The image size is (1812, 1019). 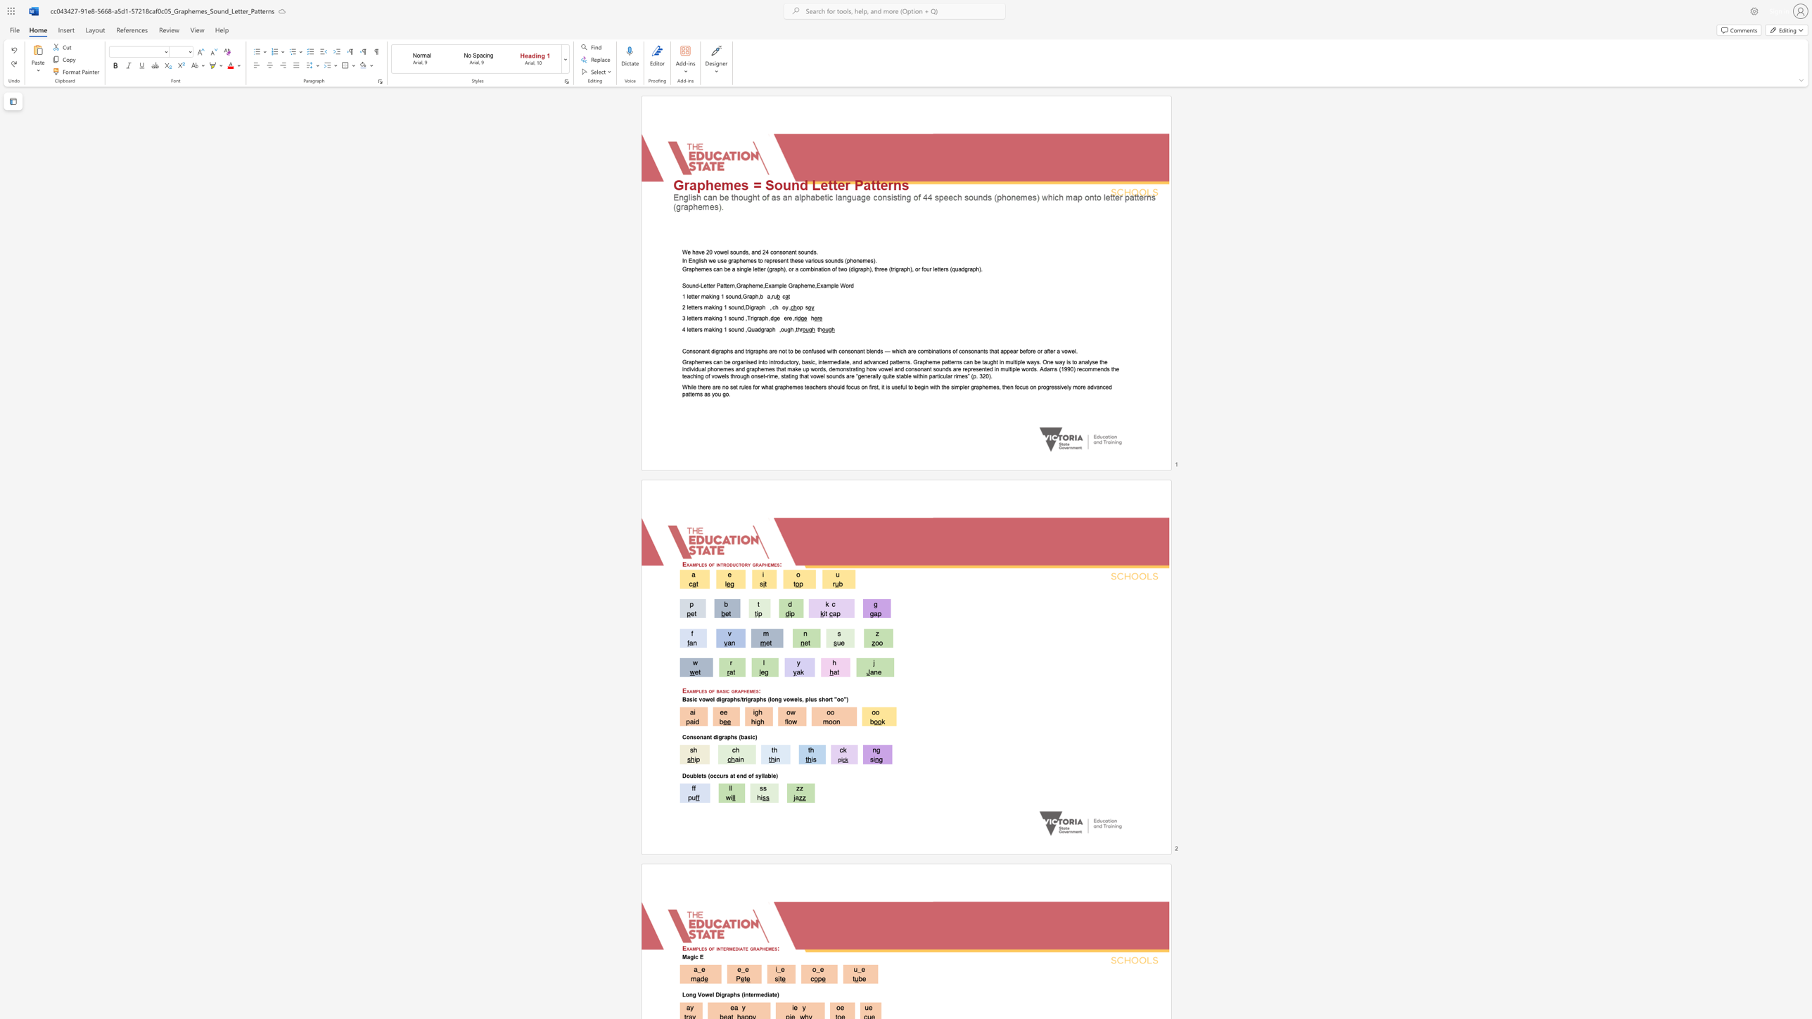 I want to click on the space between the continuous character "Q" and "u" in the text, so click(x=751, y=328).